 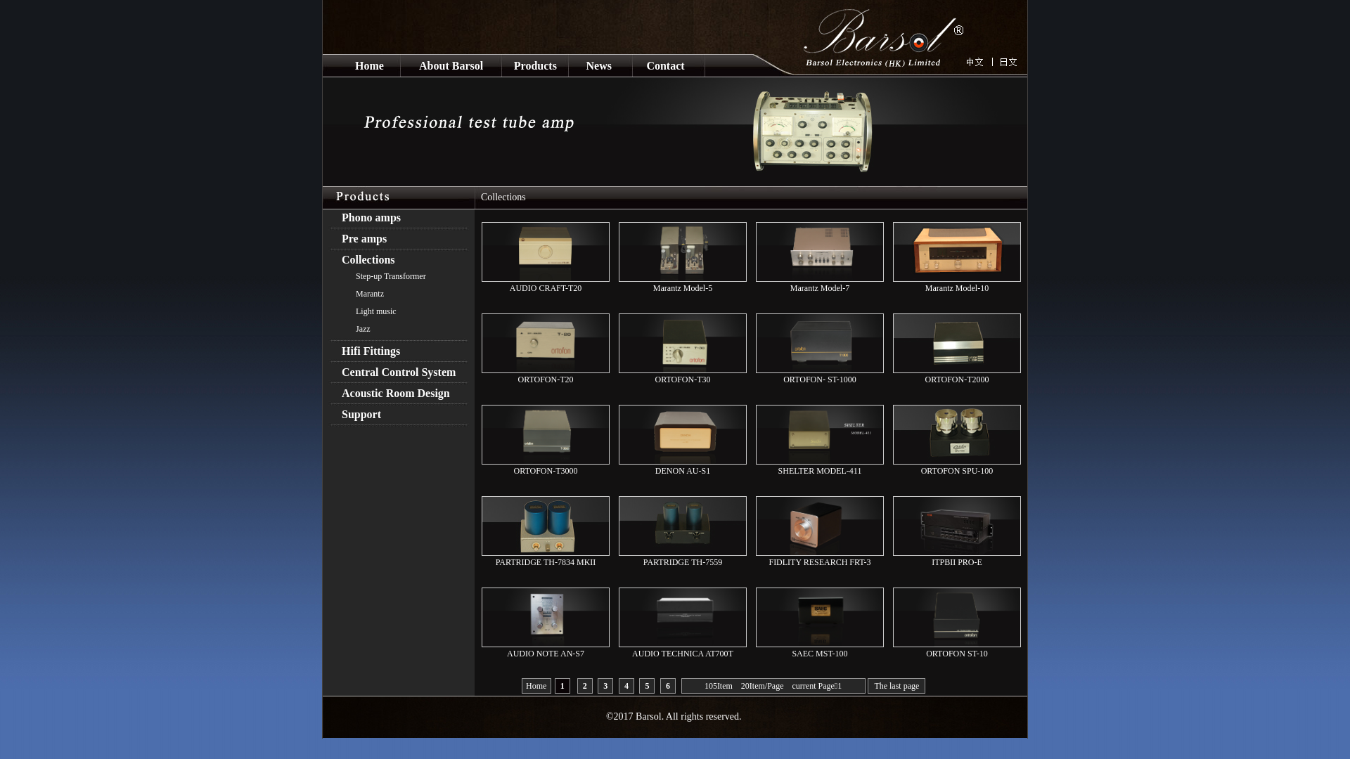 What do you see at coordinates (397, 238) in the screenshot?
I see `'Pre amps'` at bounding box center [397, 238].